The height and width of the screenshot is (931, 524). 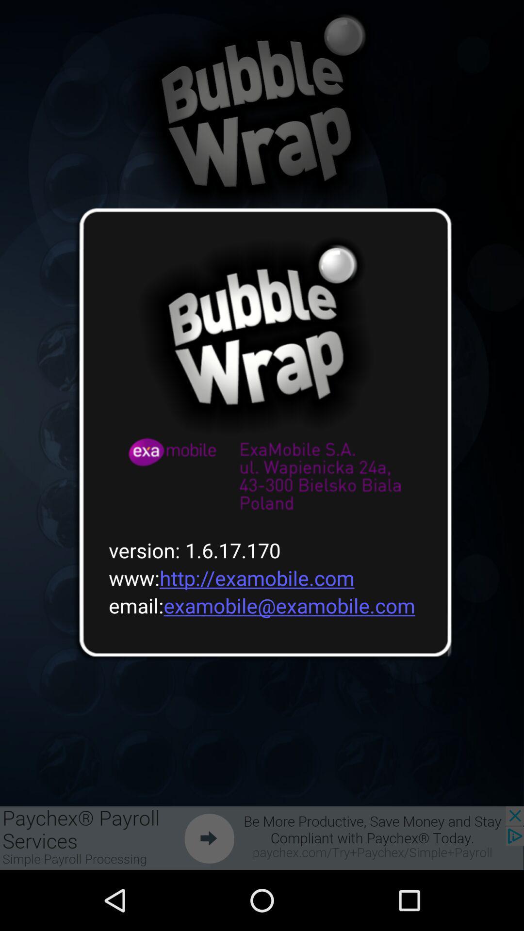 I want to click on icon below version 1 6 icon, so click(x=225, y=578).